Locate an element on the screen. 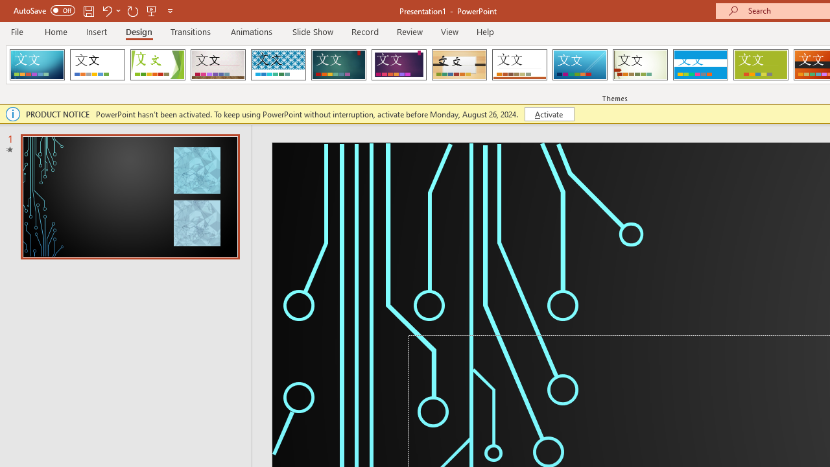  'Ion Boardroom' is located at coordinates (398, 65).